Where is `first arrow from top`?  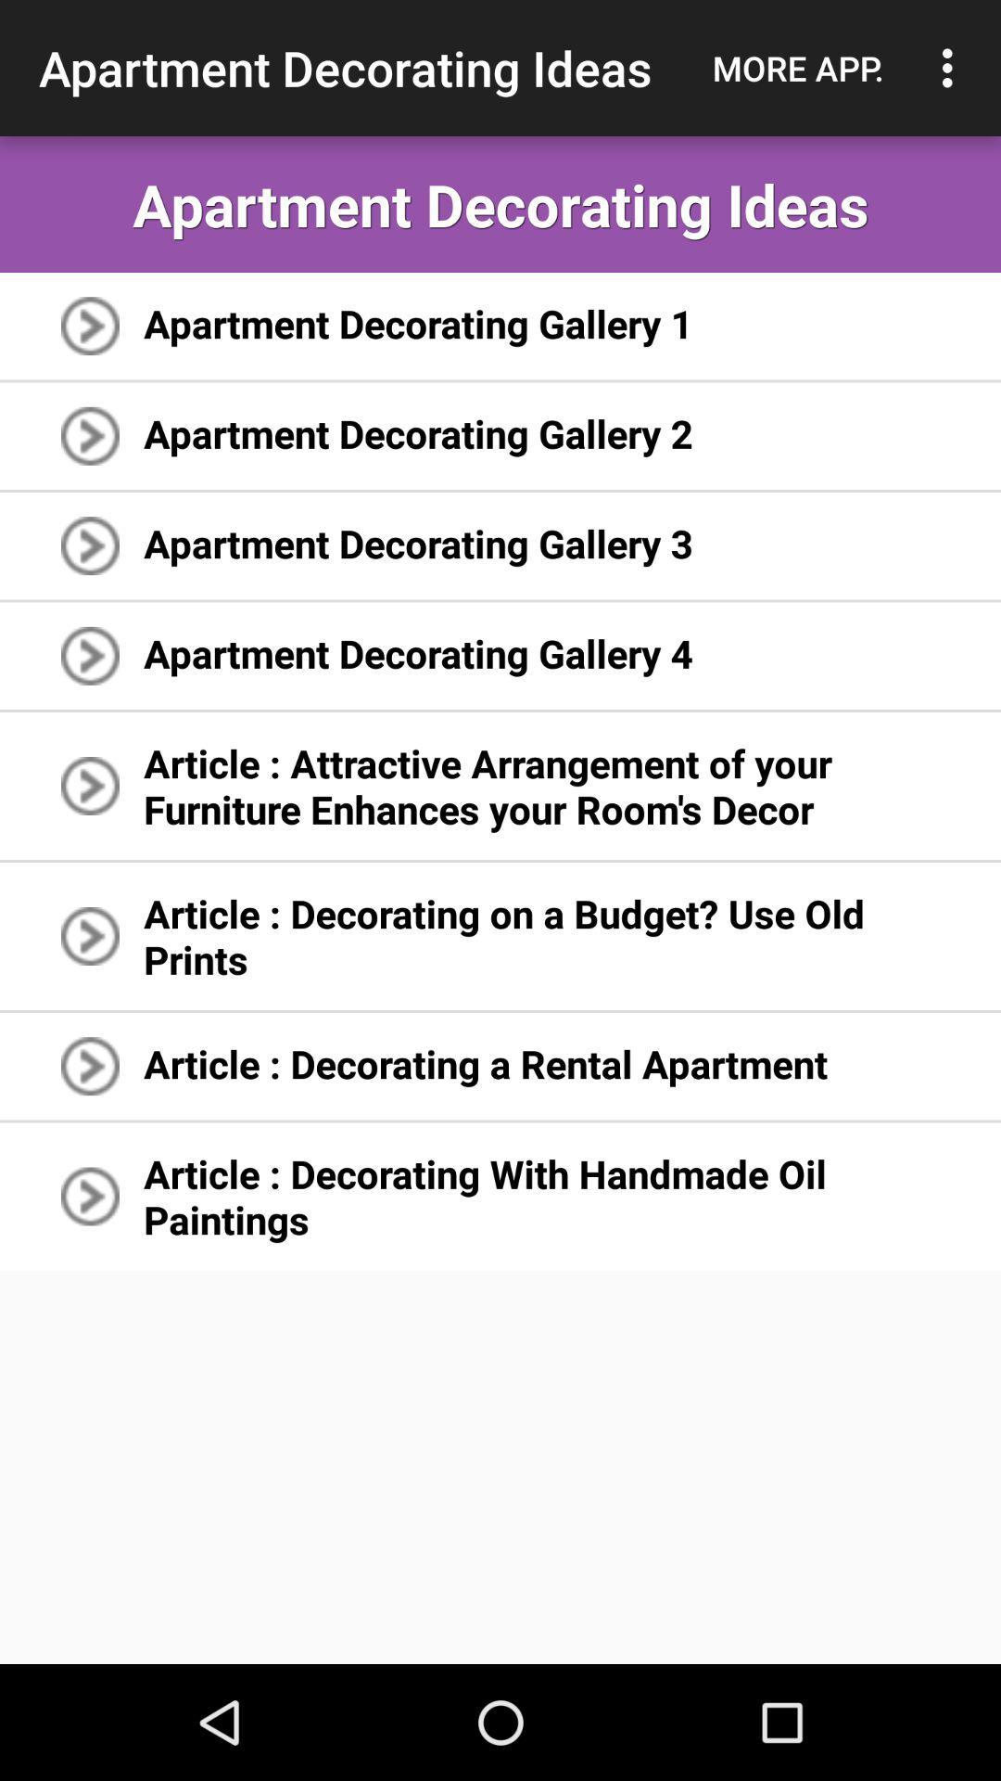
first arrow from top is located at coordinates (90, 326).